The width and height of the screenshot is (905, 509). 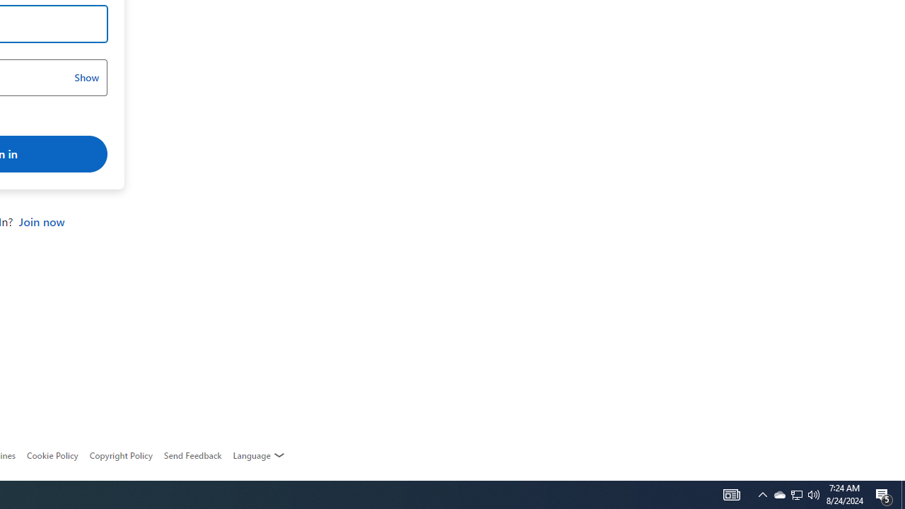 What do you see at coordinates (259, 455) in the screenshot?
I see `'Language'` at bounding box center [259, 455].